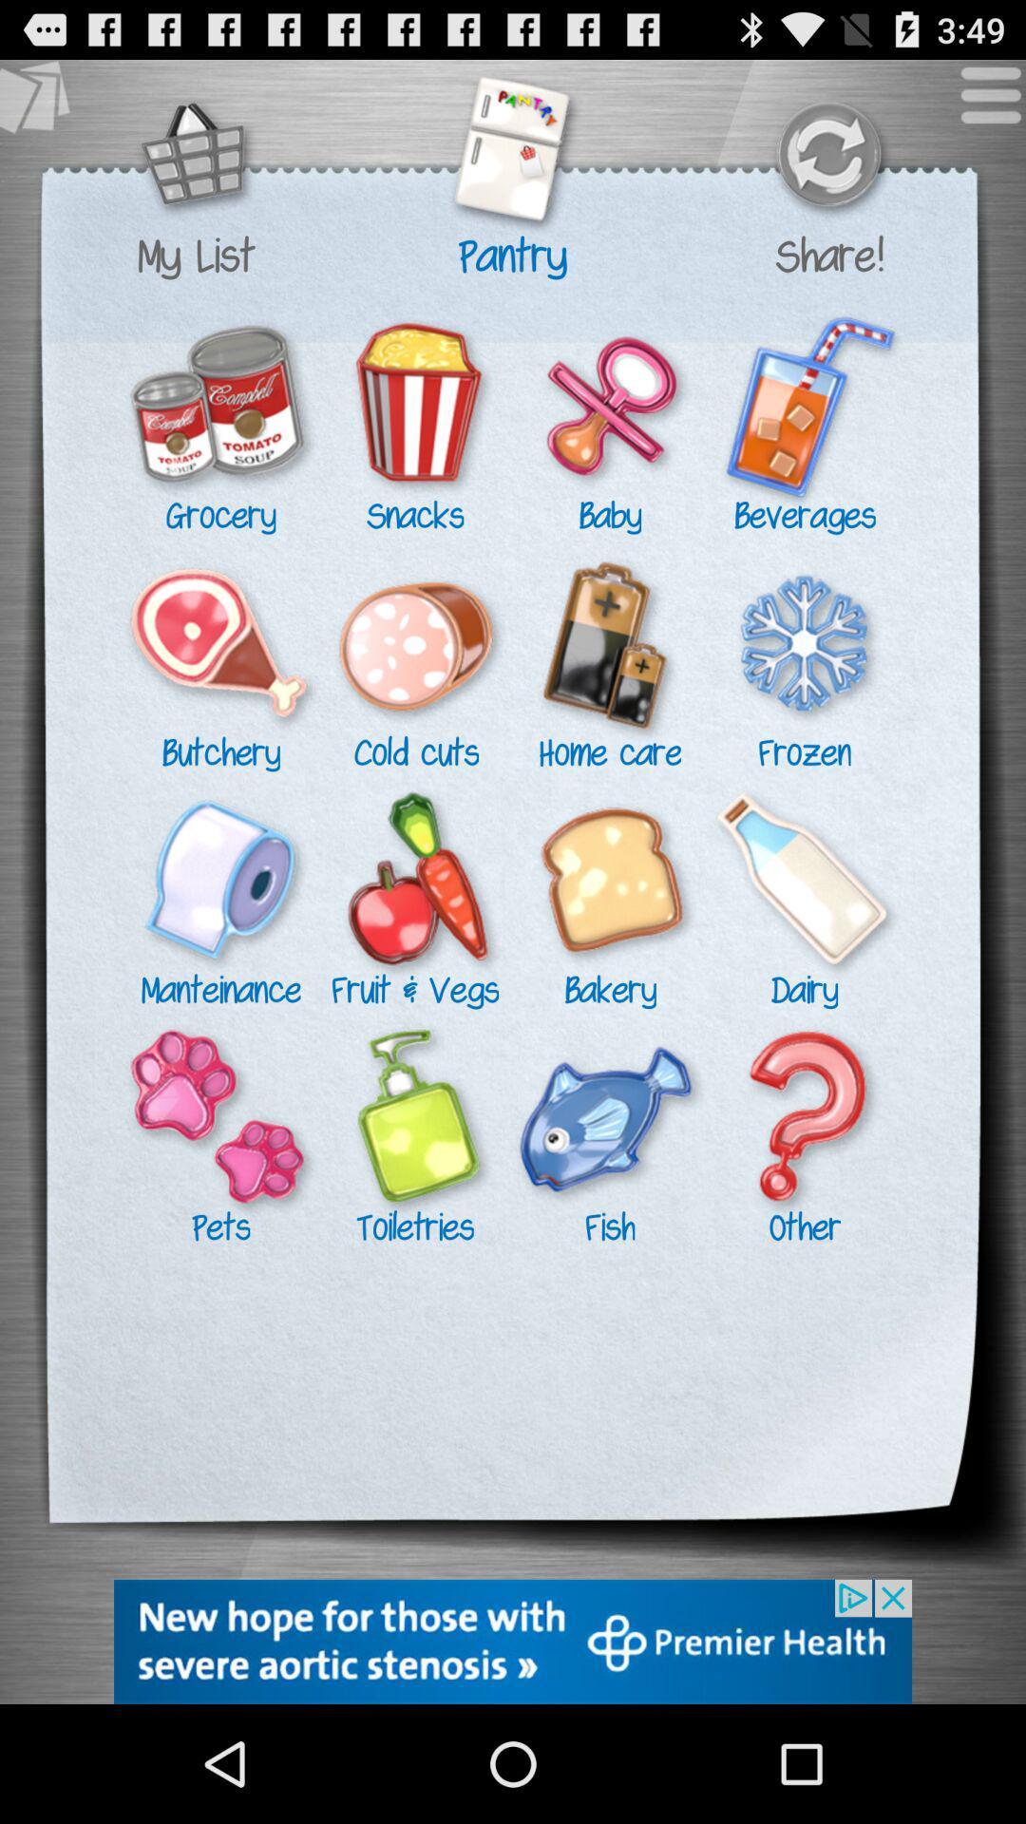 This screenshot has width=1026, height=1824. Describe the element at coordinates (980, 111) in the screenshot. I see `the menu icon` at that location.